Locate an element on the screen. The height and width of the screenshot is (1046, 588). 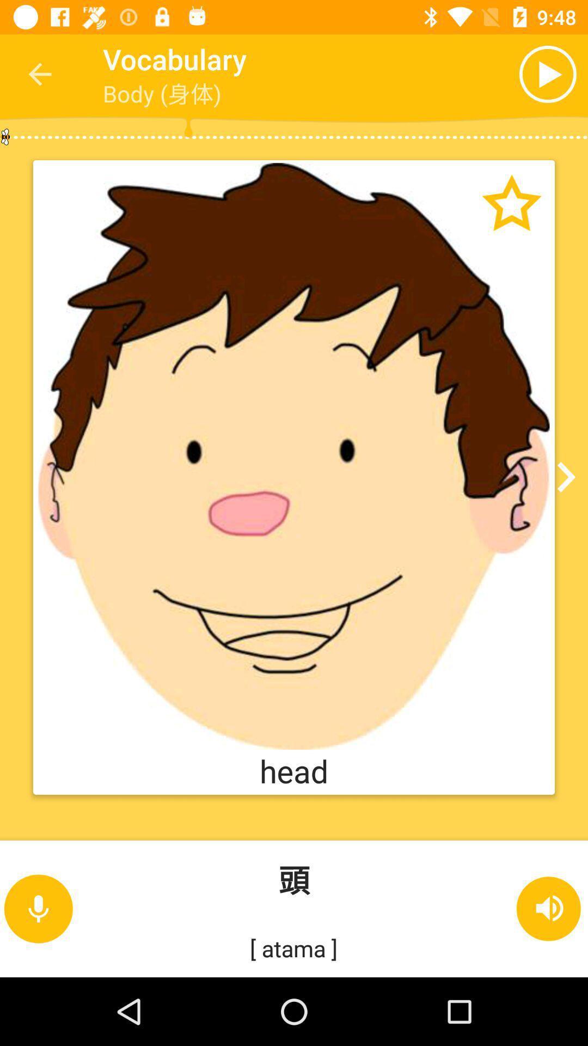
the microphone icon is located at coordinates (38, 909).